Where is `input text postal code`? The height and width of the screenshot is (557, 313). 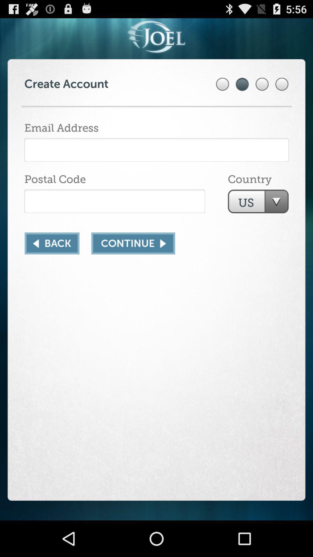
input text postal code is located at coordinates (114, 201).